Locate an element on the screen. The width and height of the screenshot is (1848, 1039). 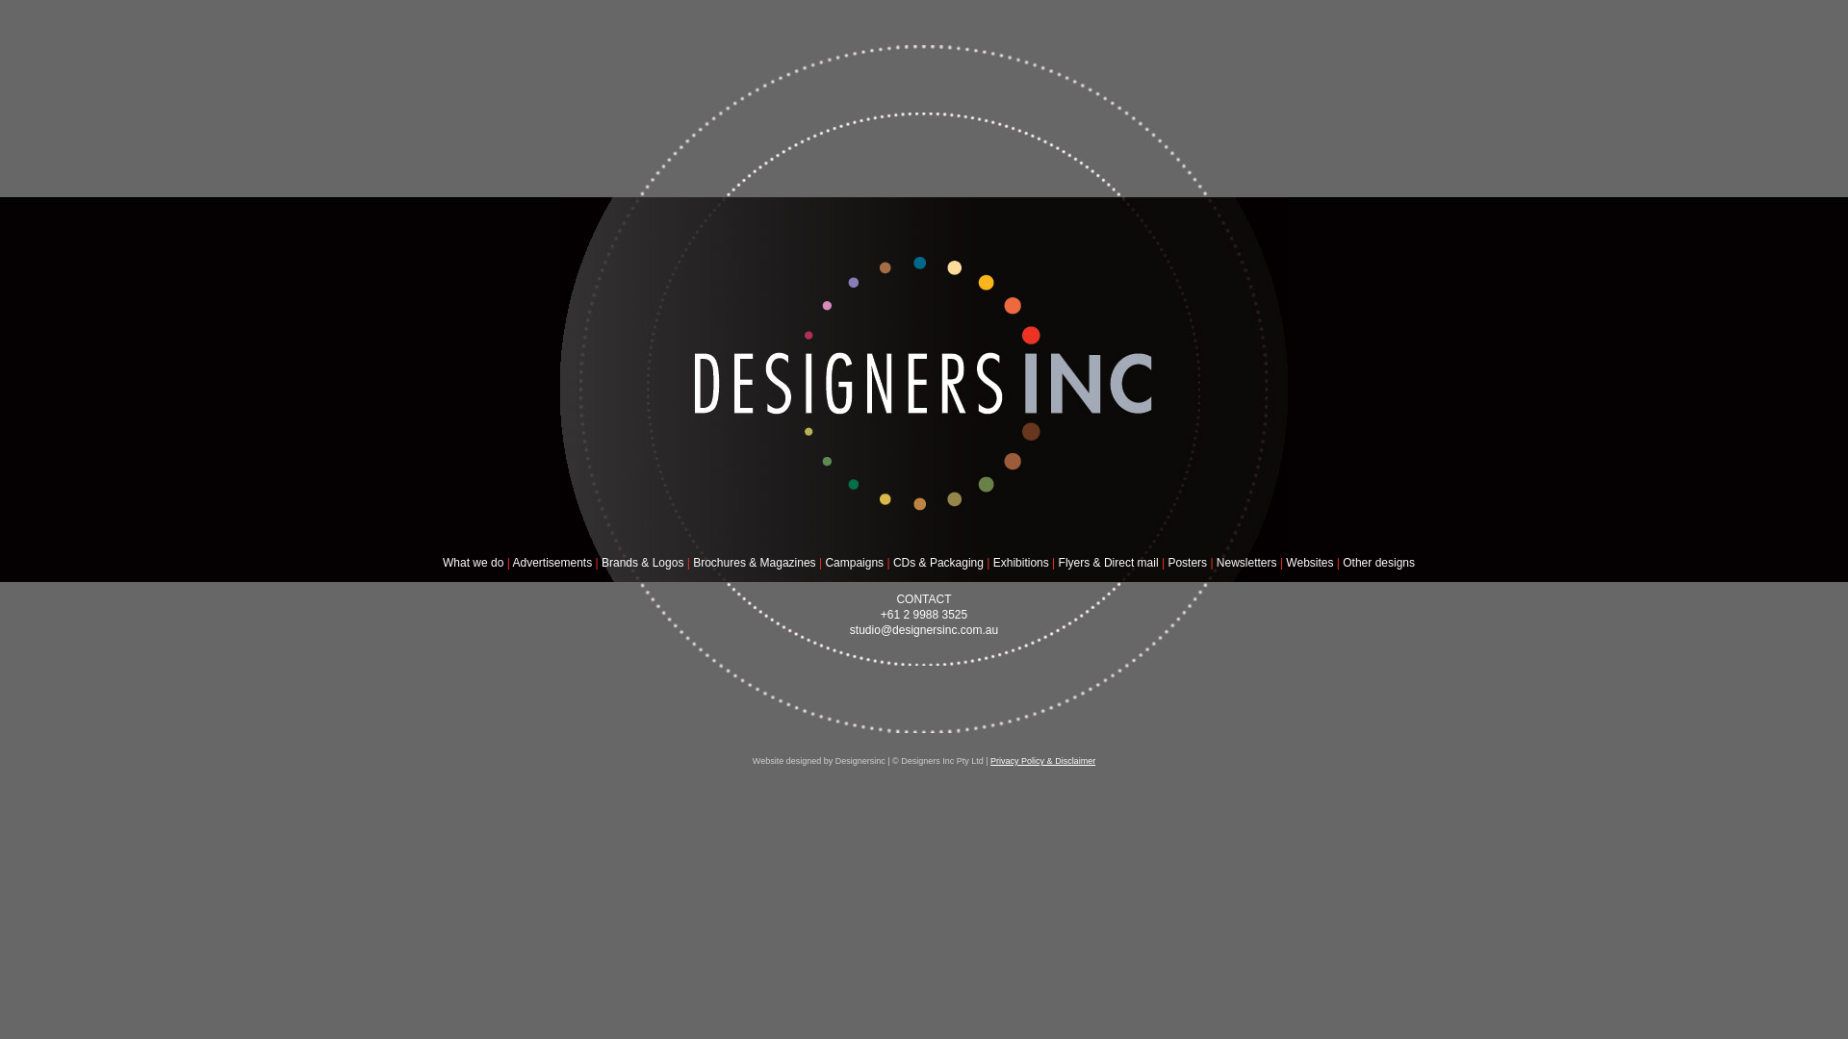
'Other designs' is located at coordinates (1377, 563).